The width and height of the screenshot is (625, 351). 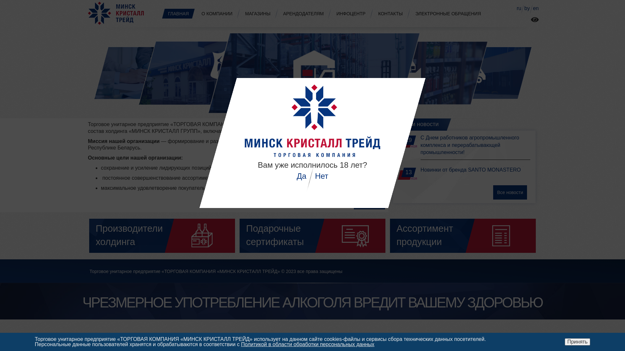 I want to click on 'by', so click(x=524, y=8).